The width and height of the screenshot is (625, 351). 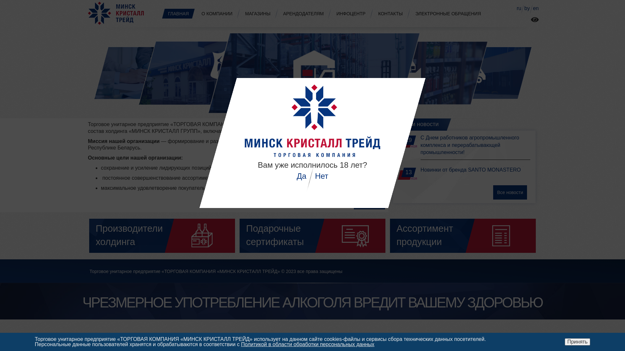 I want to click on 'by', so click(x=524, y=8).